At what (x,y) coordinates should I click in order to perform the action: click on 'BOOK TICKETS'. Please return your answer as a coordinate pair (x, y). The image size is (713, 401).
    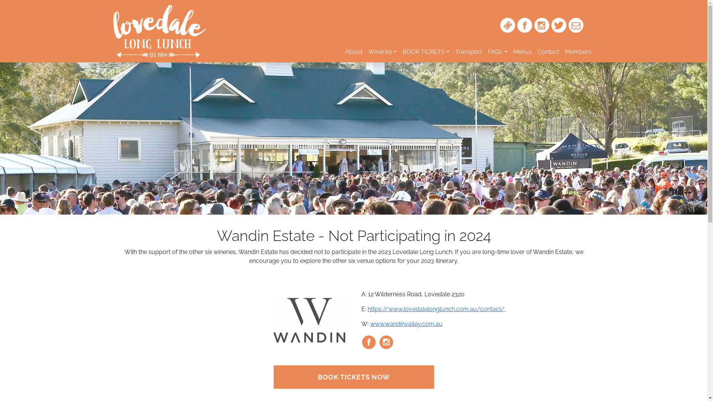
    Looking at the image, I should click on (426, 51).